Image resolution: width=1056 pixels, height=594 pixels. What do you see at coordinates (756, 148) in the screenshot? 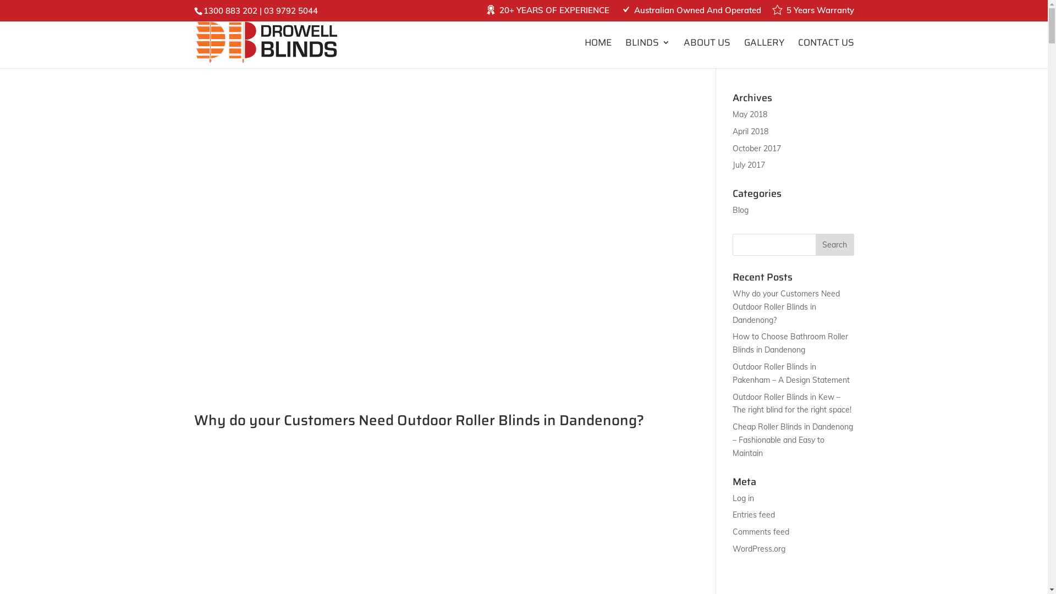
I see `'October 2017'` at bounding box center [756, 148].